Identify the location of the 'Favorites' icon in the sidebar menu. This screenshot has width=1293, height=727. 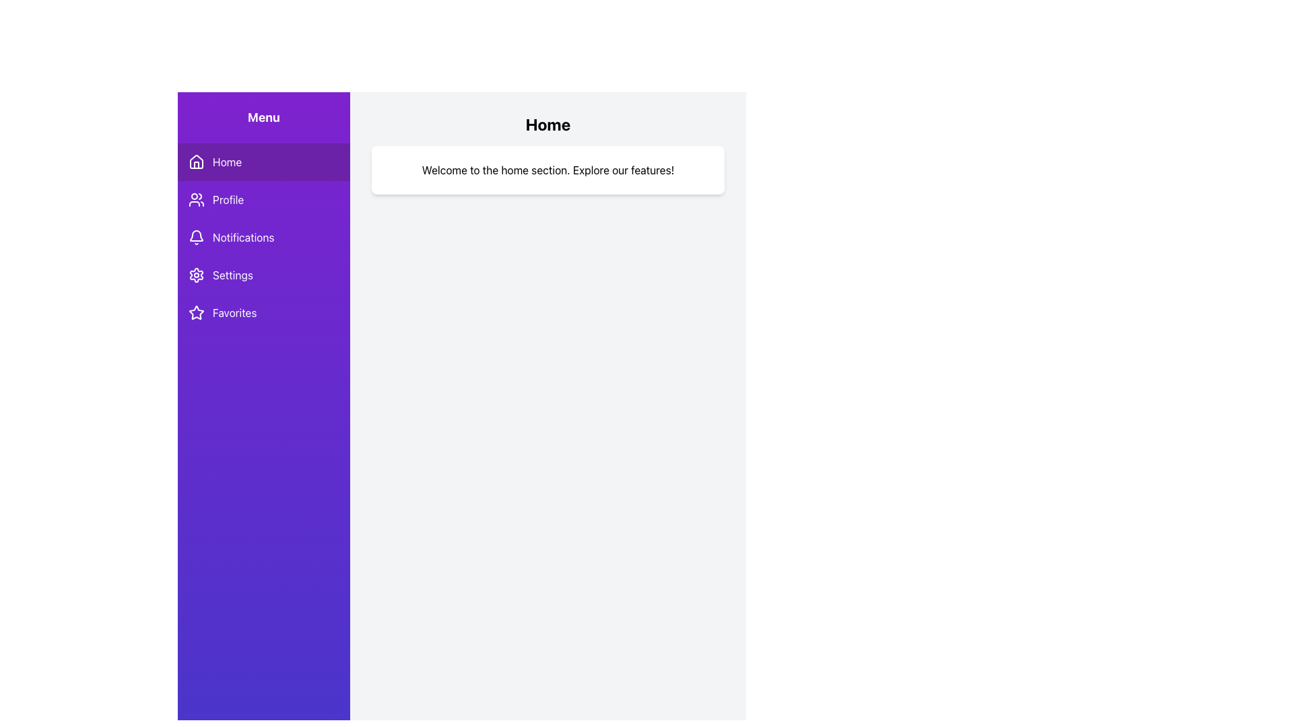
(196, 313).